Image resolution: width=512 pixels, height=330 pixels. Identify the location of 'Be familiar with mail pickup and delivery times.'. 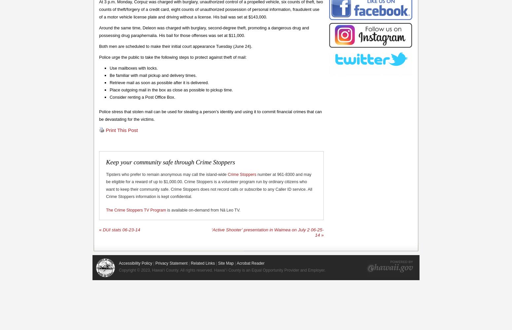
(109, 75).